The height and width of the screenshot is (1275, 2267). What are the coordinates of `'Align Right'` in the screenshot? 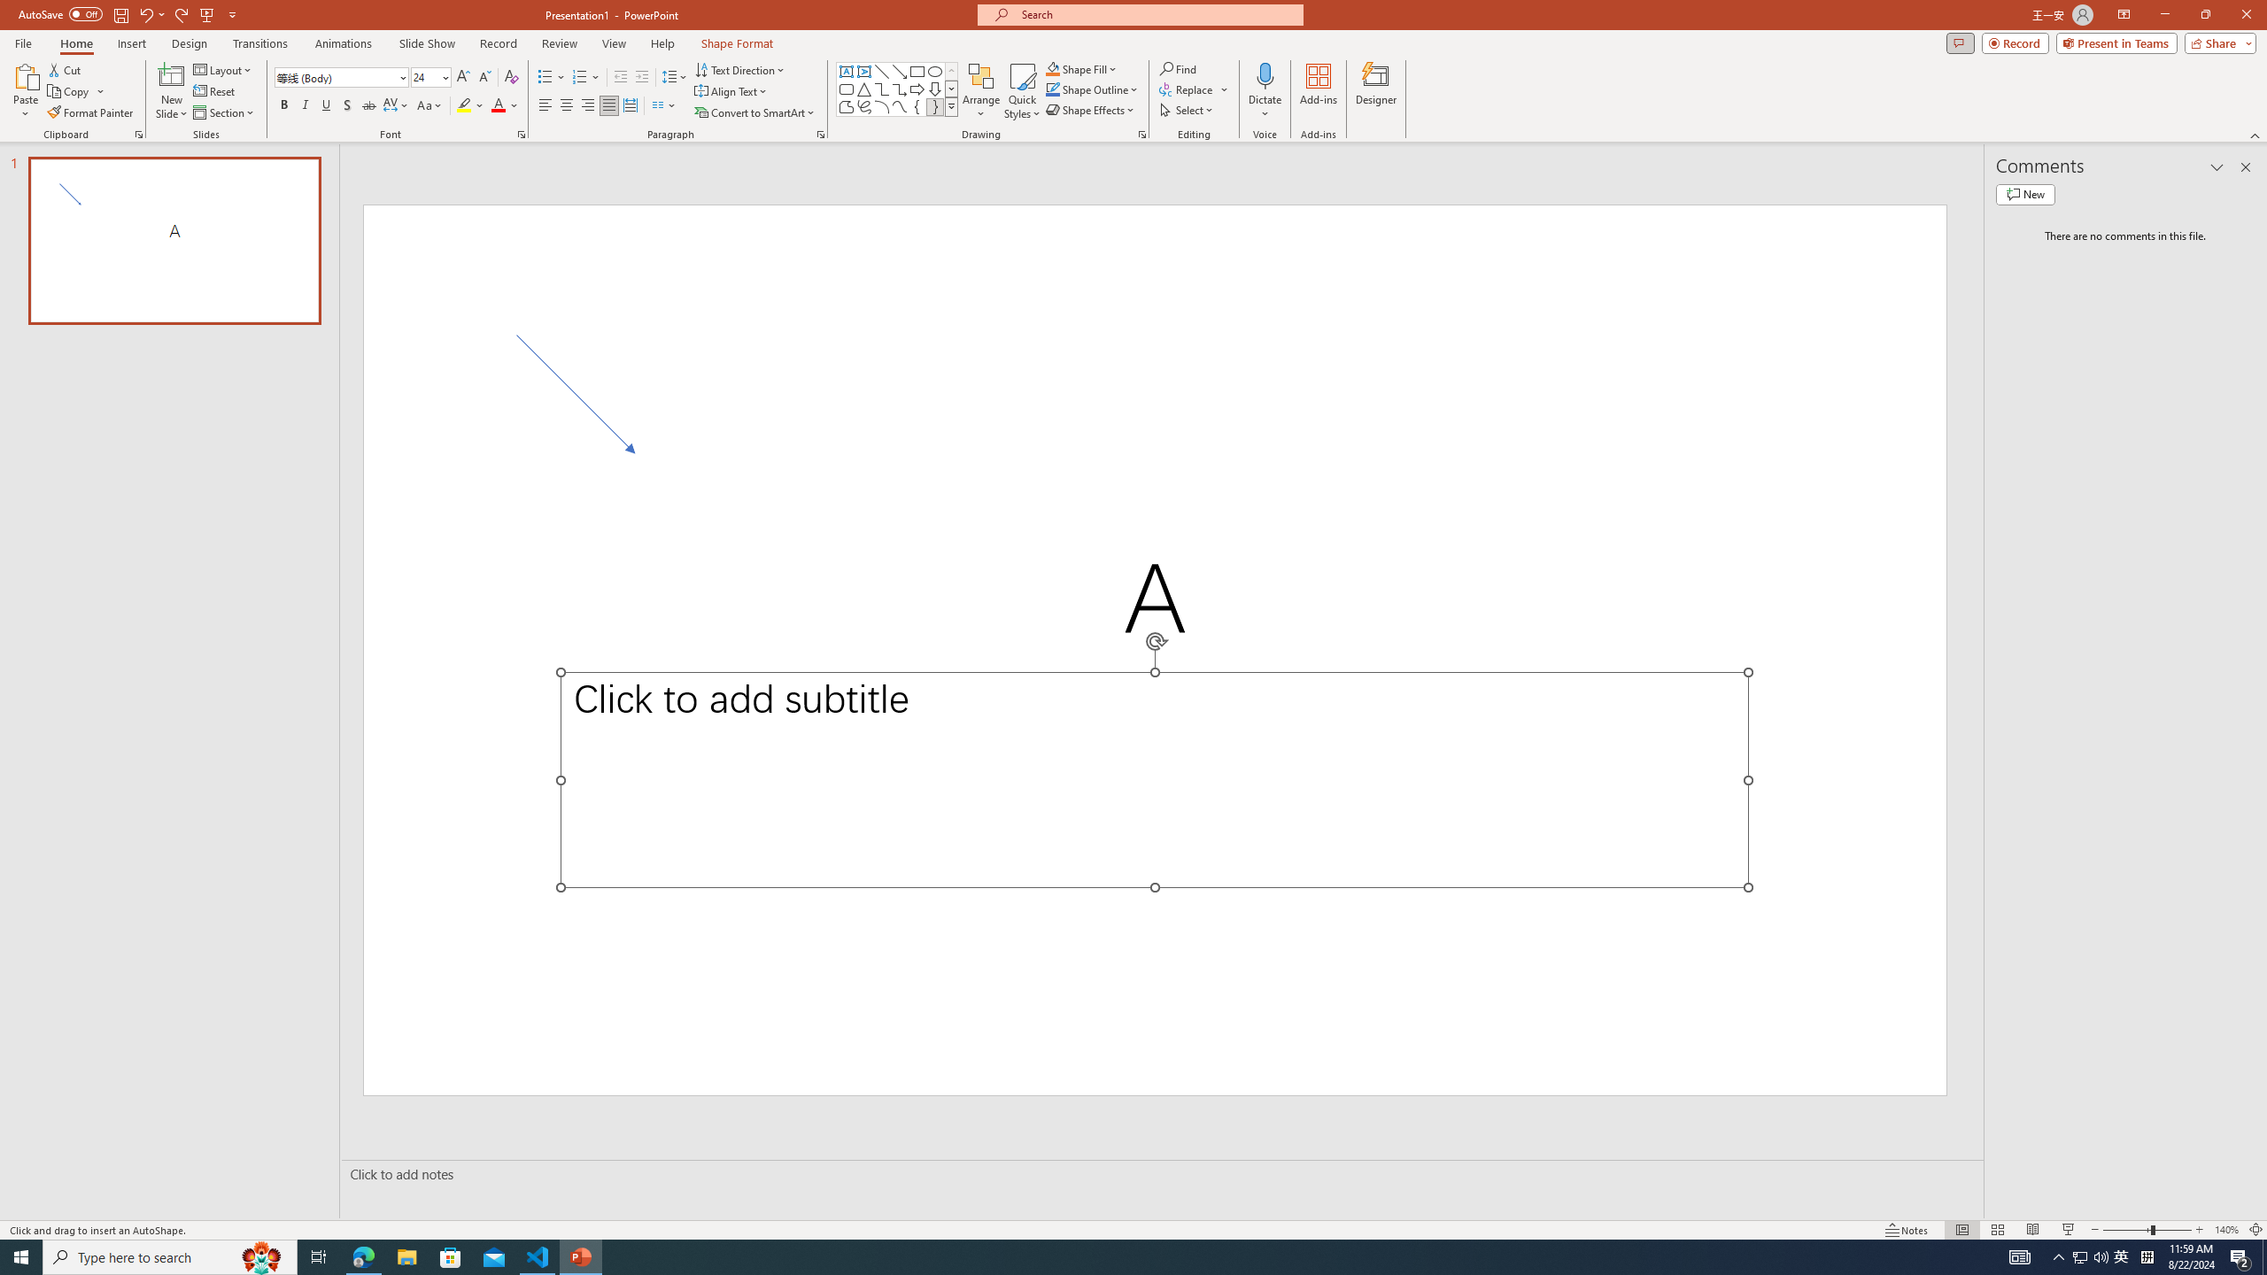 It's located at (588, 104).